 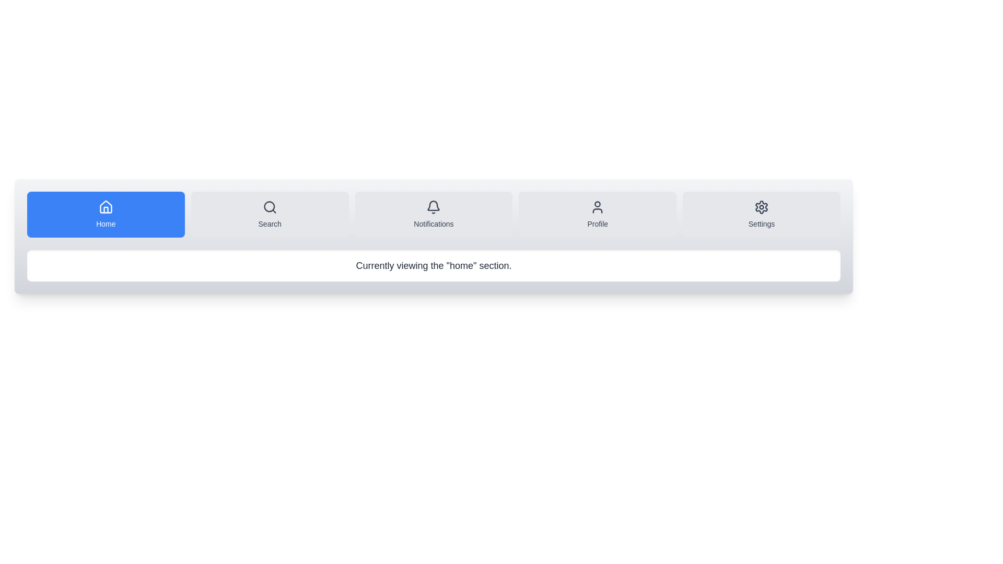 What do you see at coordinates (434, 214) in the screenshot?
I see `the third section of the navigation bar` at bounding box center [434, 214].